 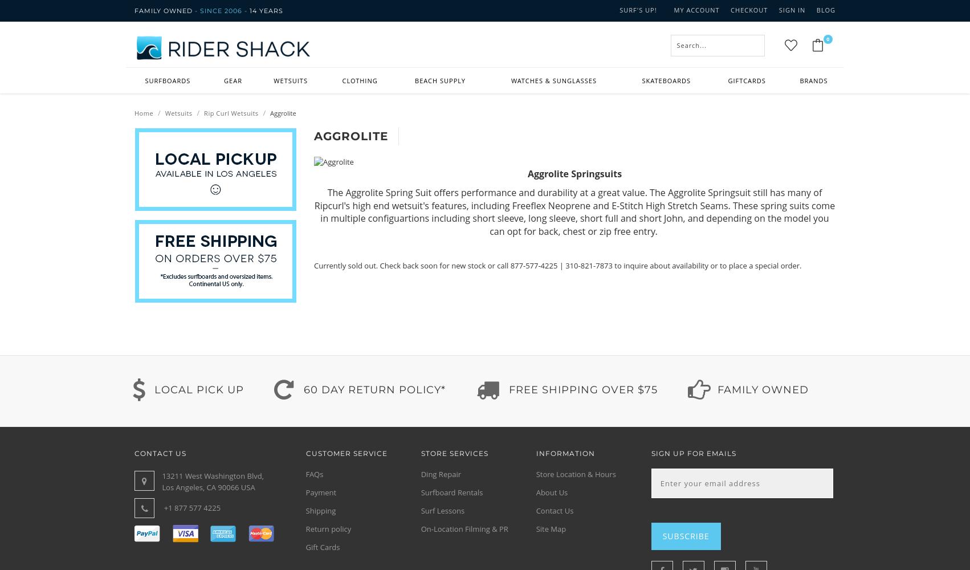 I want to click on 'Brands', so click(x=798, y=80).